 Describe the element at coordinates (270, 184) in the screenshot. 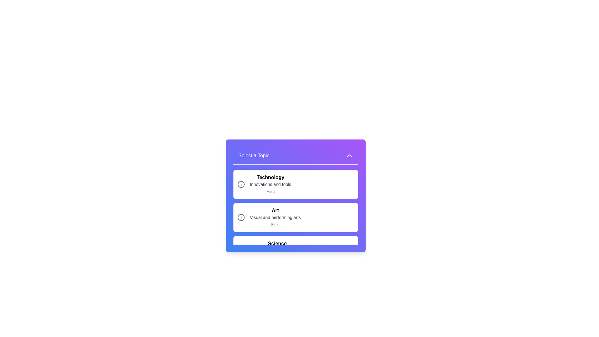

I see `the text snippet displaying 'Innovations and tools', which is styled in a smaller gray font and positioned beneath the bold 'Technology' heading` at that location.